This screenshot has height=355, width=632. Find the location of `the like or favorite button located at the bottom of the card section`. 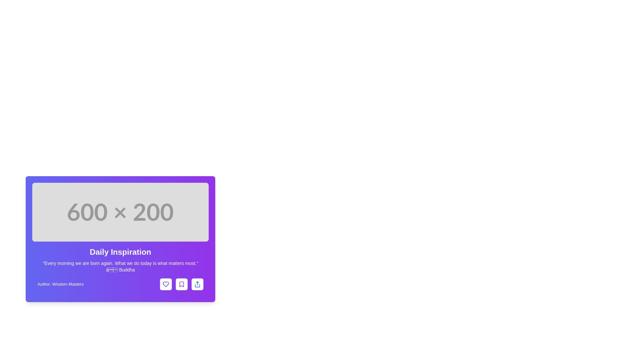

the like or favorite button located at the bottom of the card section is located at coordinates (166, 284).